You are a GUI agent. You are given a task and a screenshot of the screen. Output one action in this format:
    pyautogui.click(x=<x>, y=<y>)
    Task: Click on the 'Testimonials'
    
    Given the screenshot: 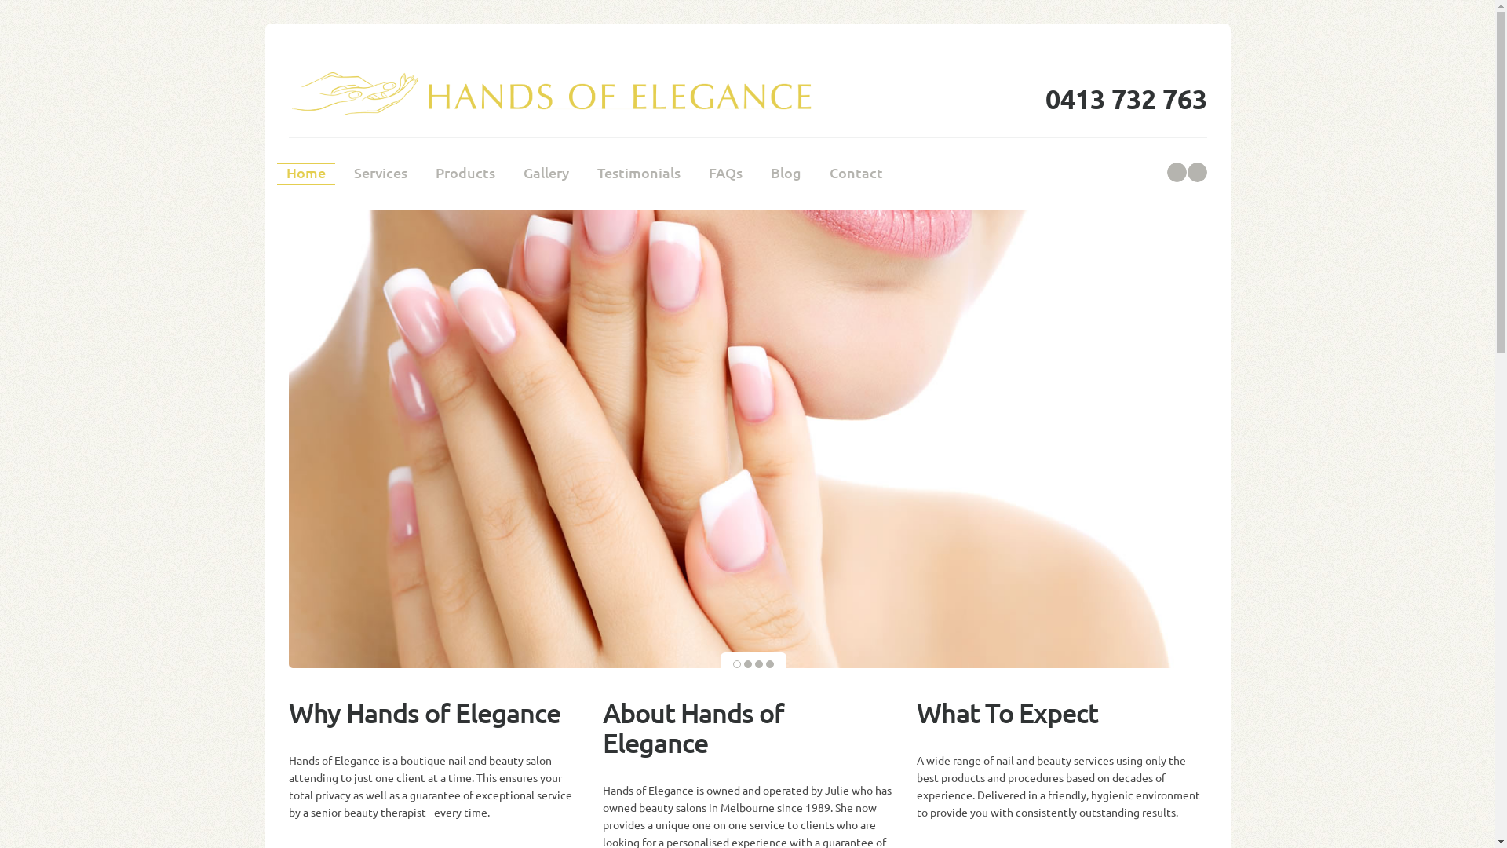 What is the action you would take?
    pyautogui.click(x=637, y=174)
    